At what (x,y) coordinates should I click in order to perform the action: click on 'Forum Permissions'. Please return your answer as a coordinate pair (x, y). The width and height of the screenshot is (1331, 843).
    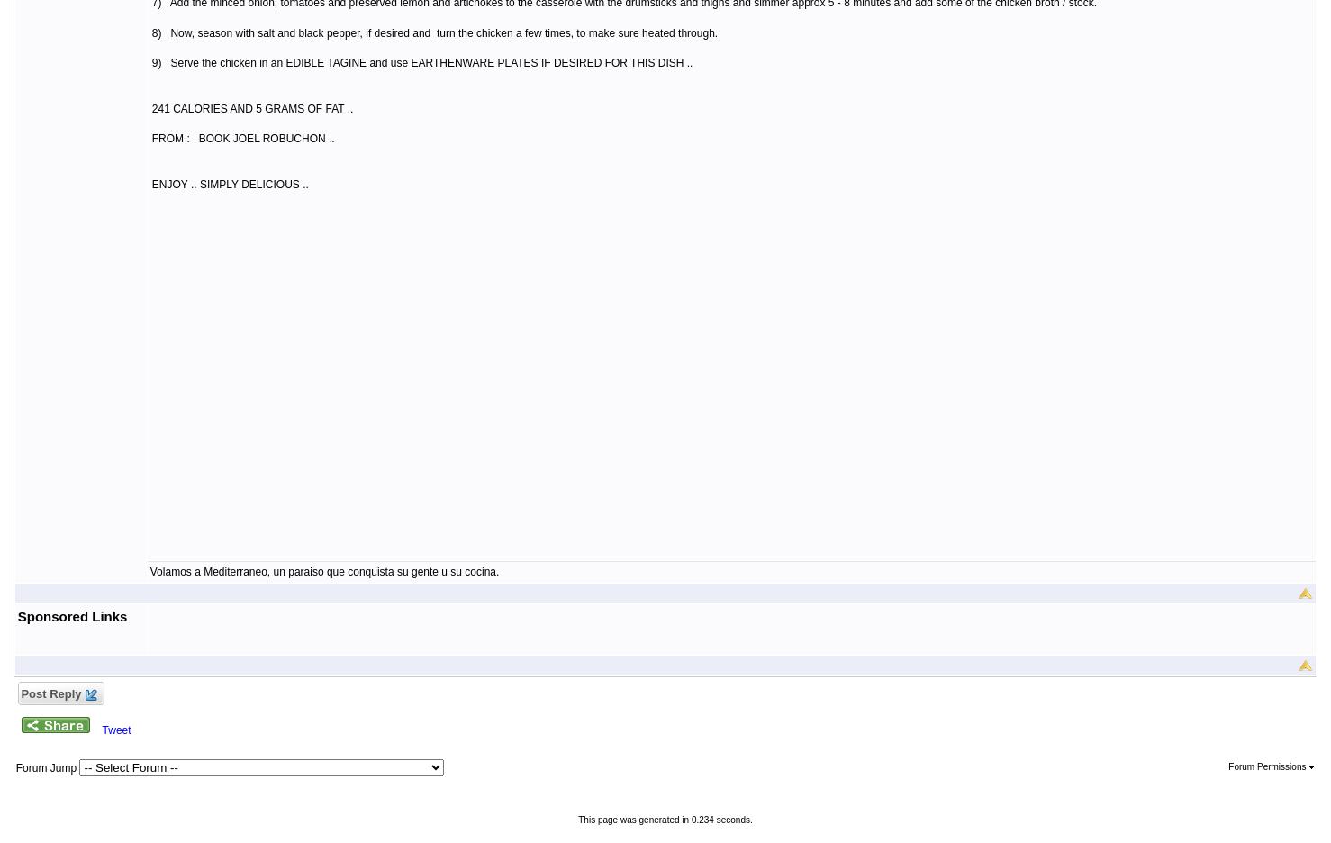
    Looking at the image, I should click on (1267, 766).